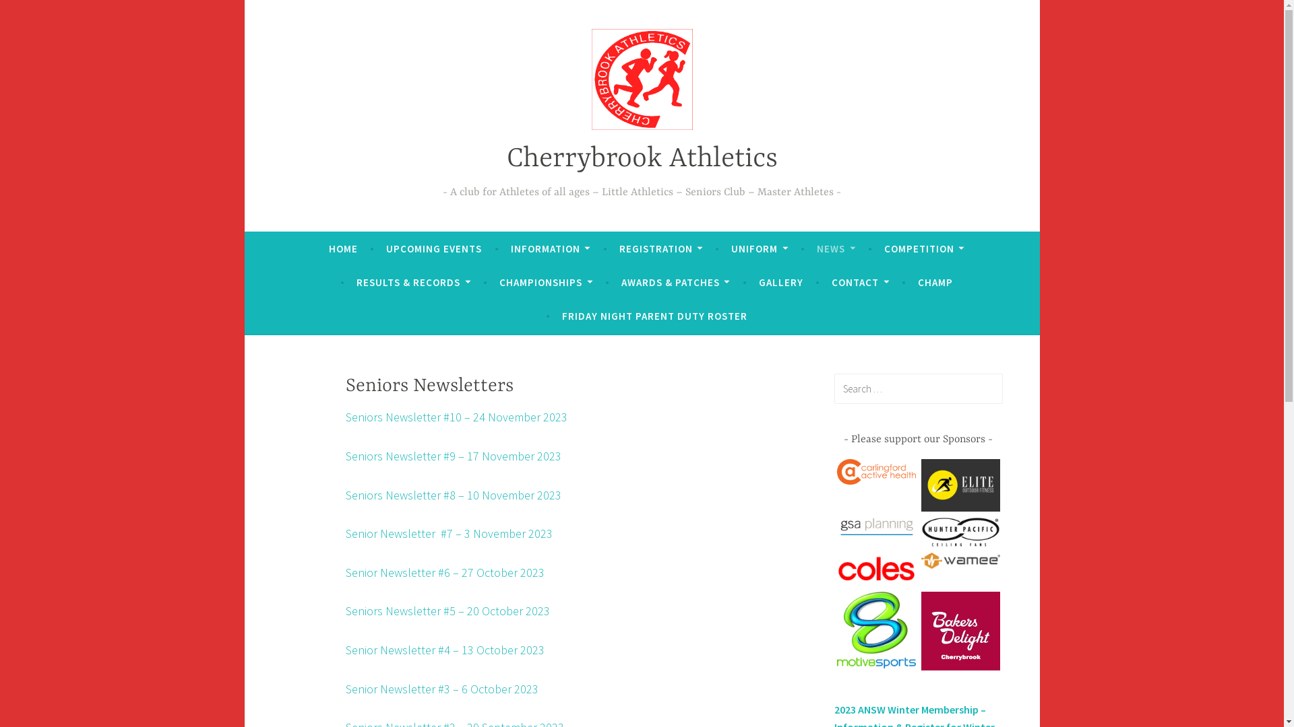 This screenshot has height=727, width=1294. Describe the element at coordinates (934, 282) in the screenshot. I see `'CHAMP'` at that location.